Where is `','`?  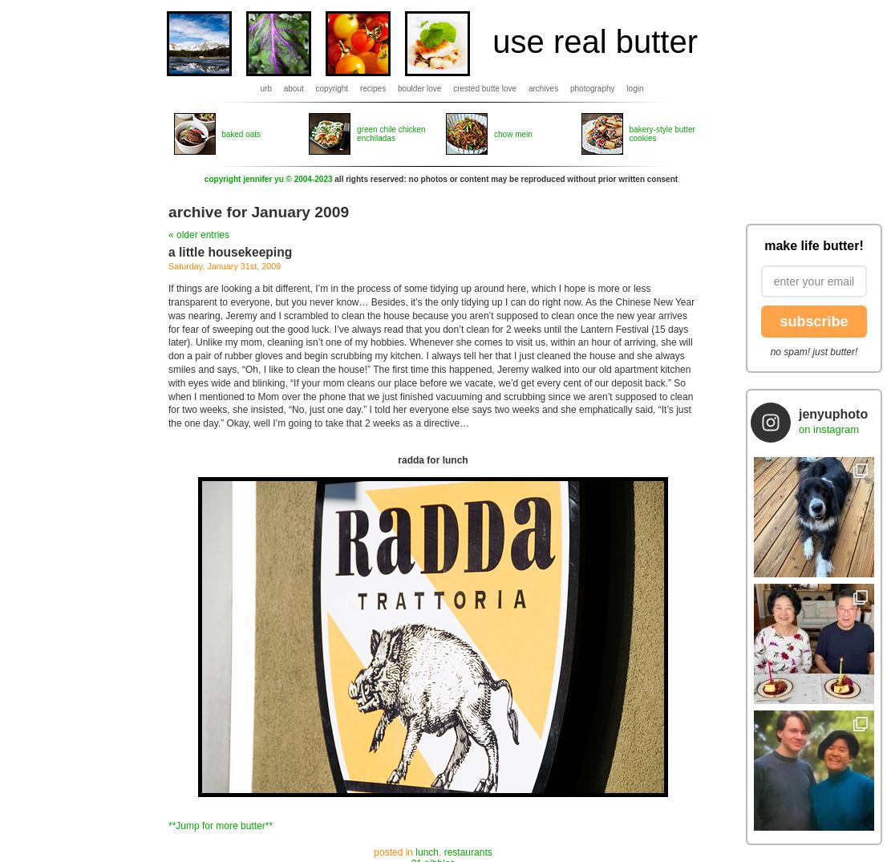 ',' is located at coordinates (440, 852).